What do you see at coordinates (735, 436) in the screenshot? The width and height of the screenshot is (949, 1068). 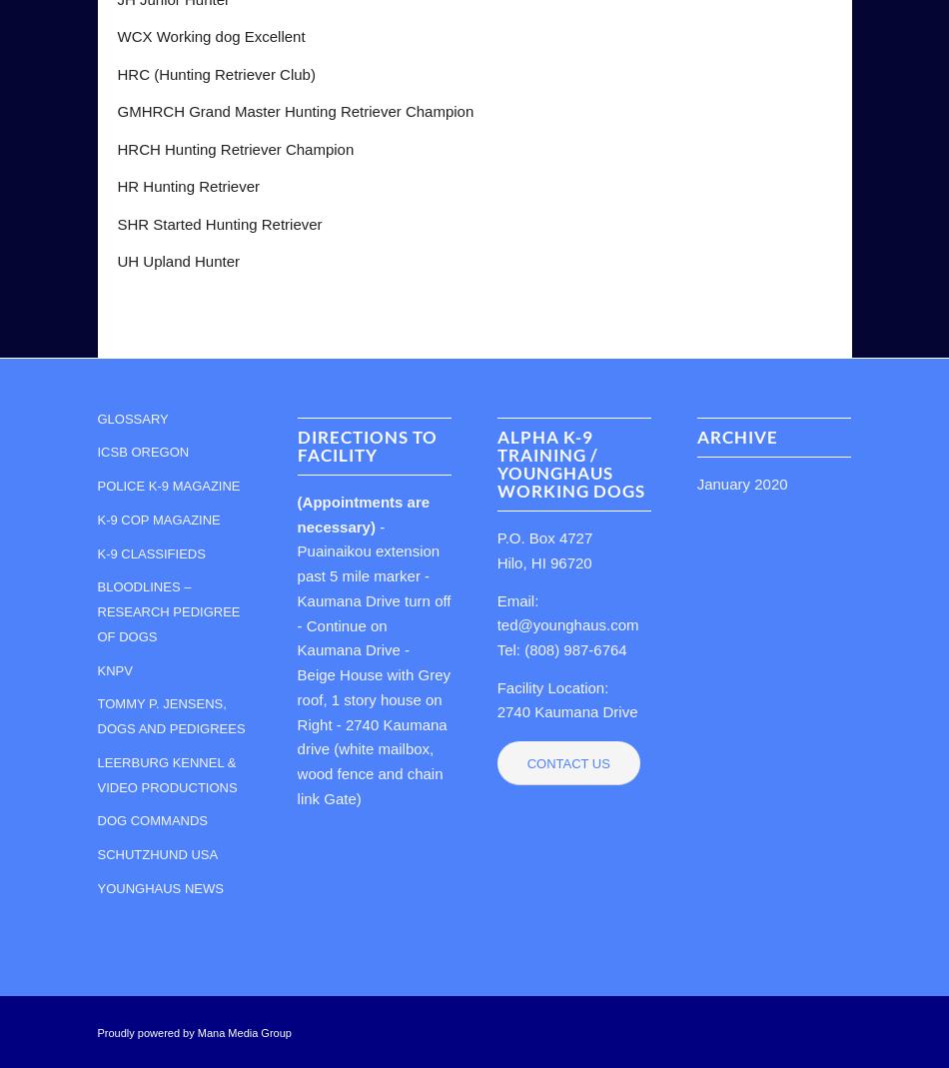 I see `'Archive'` at bounding box center [735, 436].